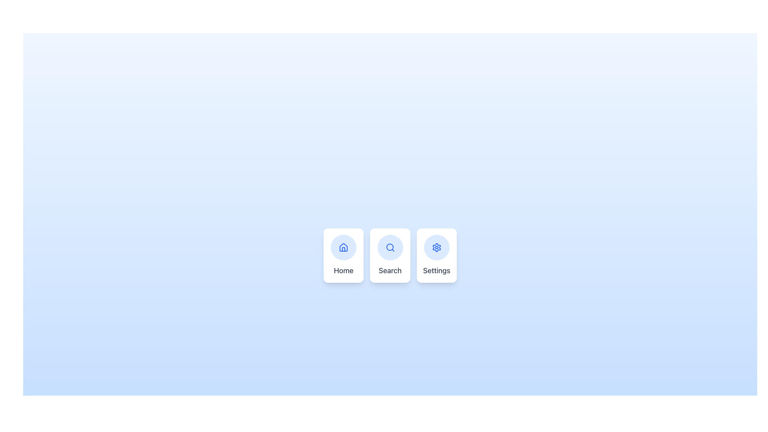  I want to click on the circular cogwheel icon with a light blue background and blue border, located at the top center of the 'Settings' card, so click(436, 247).